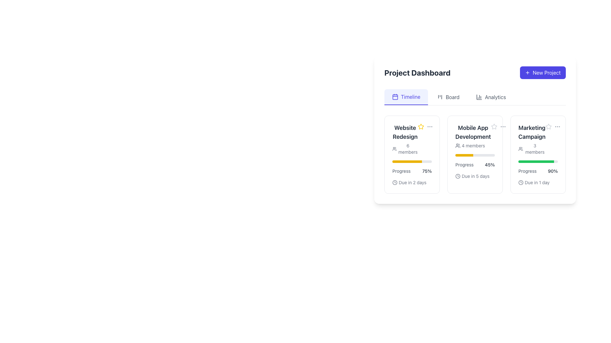 The image size is (611, 343). I want to click on the text label that identifies the project as 'Website Redesign', so click(405, 132).